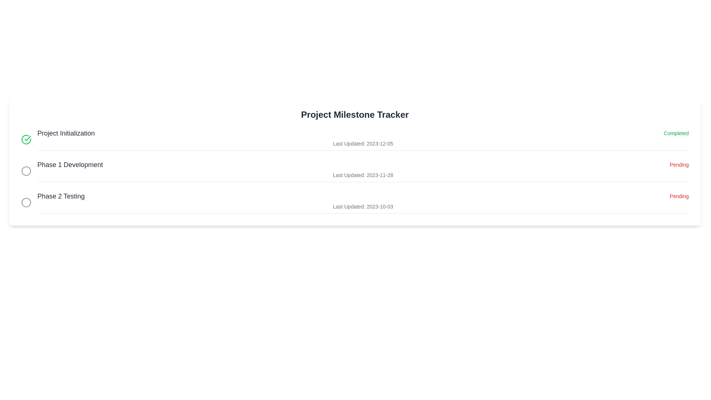  Describe the element at coordinates (354, 202) in the screenshot. I see `the Status indicator for 'Phase 2 Testing', which provides an overview of the current status and last update information, located as the third entry in the 'Project Milestone Tracker' list` at that location.